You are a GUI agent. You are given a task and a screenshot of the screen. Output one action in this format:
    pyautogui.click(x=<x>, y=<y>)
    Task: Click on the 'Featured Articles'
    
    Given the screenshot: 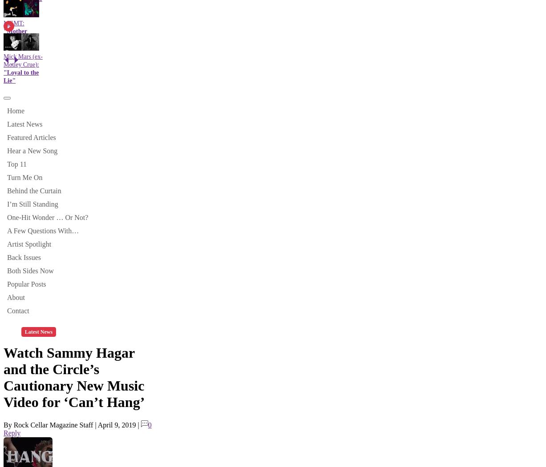 What is the action you would take?
    pyautogui.click(x=31, y=136)
    